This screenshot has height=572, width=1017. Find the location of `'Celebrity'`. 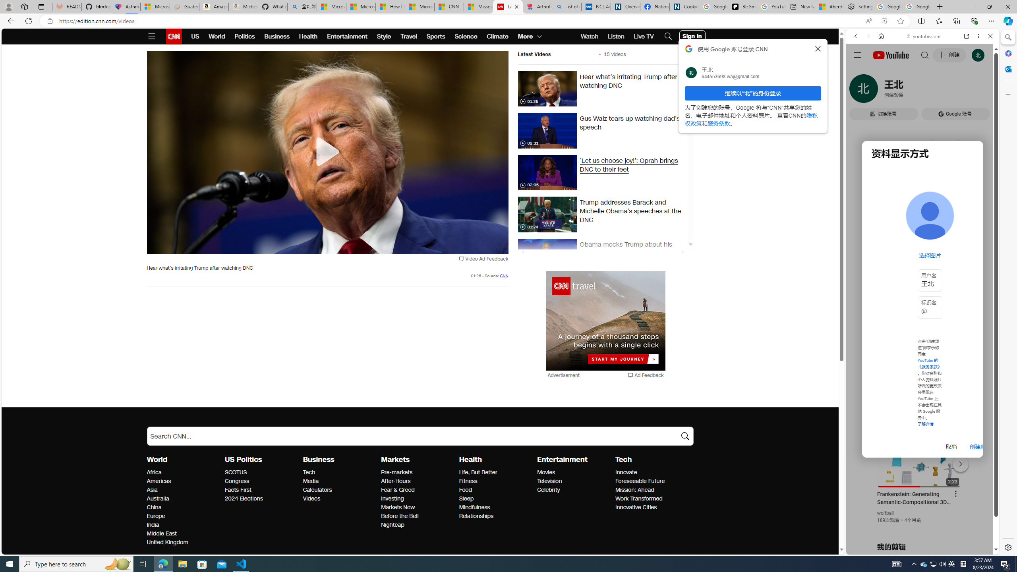

'Celebrity' is located at coordinates (573, 490).